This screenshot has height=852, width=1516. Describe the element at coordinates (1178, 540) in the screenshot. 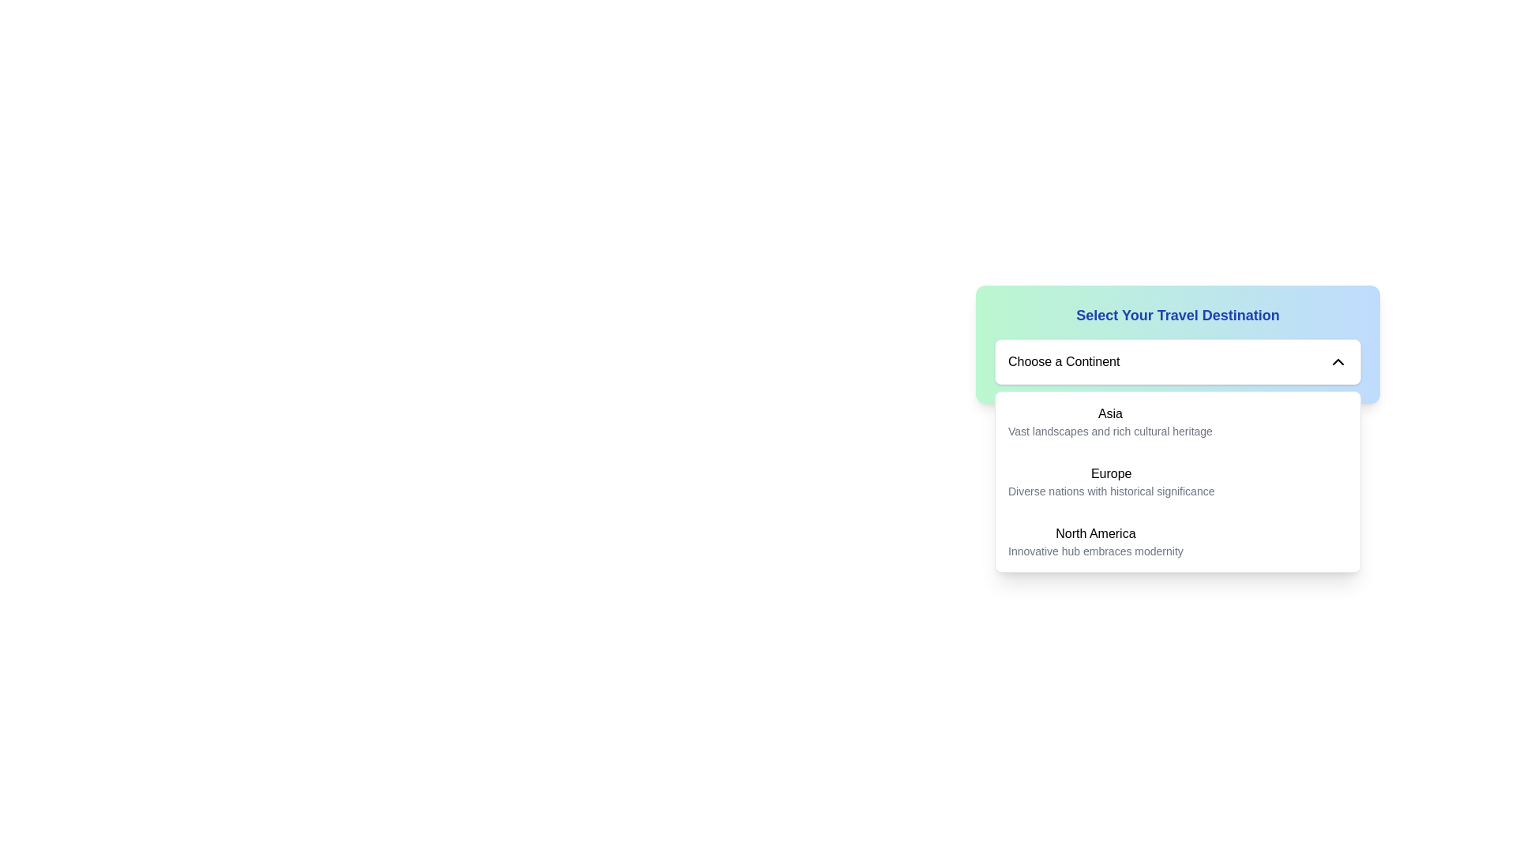

I see `the 'North America' selectable option in the dropdown menu` at that location.